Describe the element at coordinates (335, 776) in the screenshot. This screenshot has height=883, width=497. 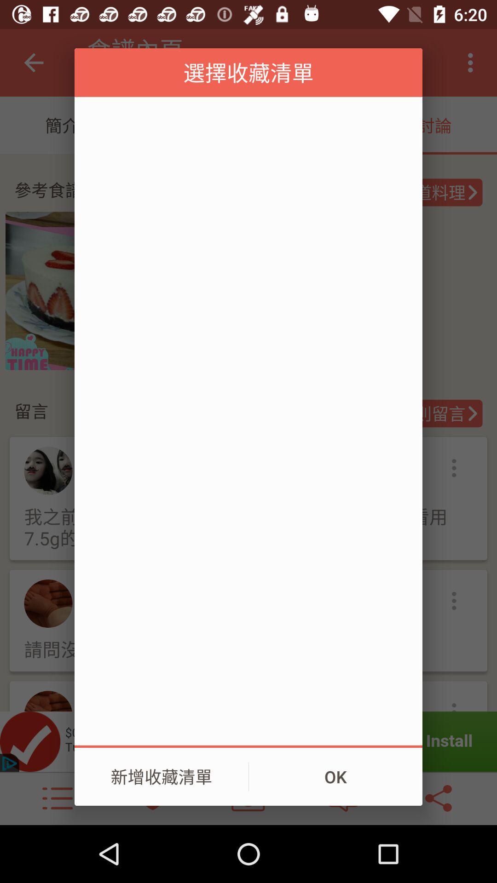
I see `the icon at the bottom right corner` at that location.